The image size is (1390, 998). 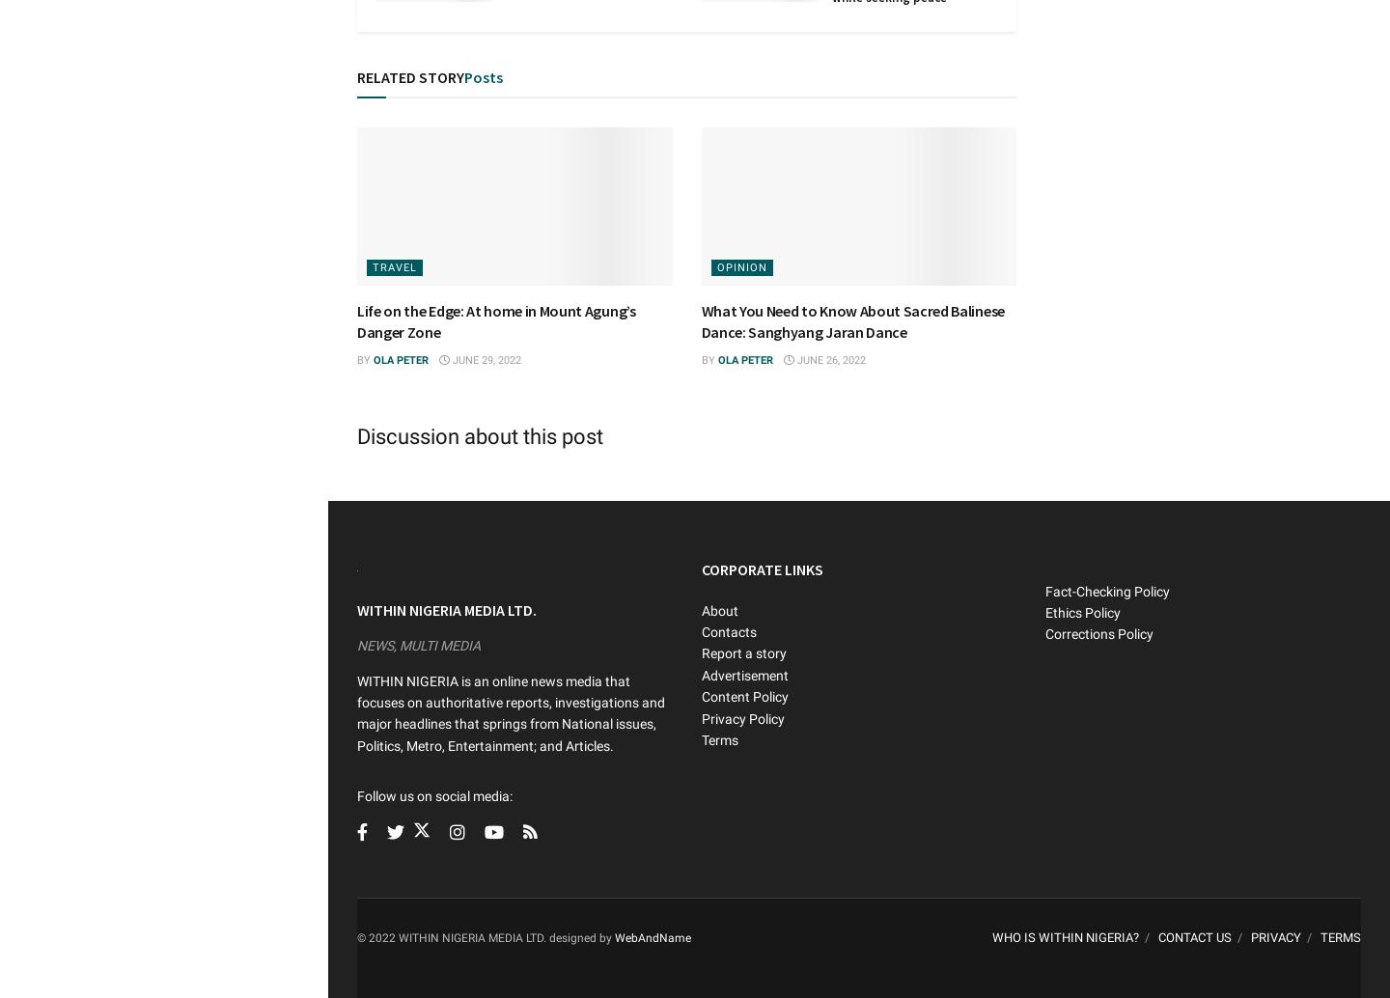 What do you see at coordinates (446, 609) in the screenshot?
I see `'WITHIN NIGERIA MEDIA LTD.'` at bounding box center [446, 609].